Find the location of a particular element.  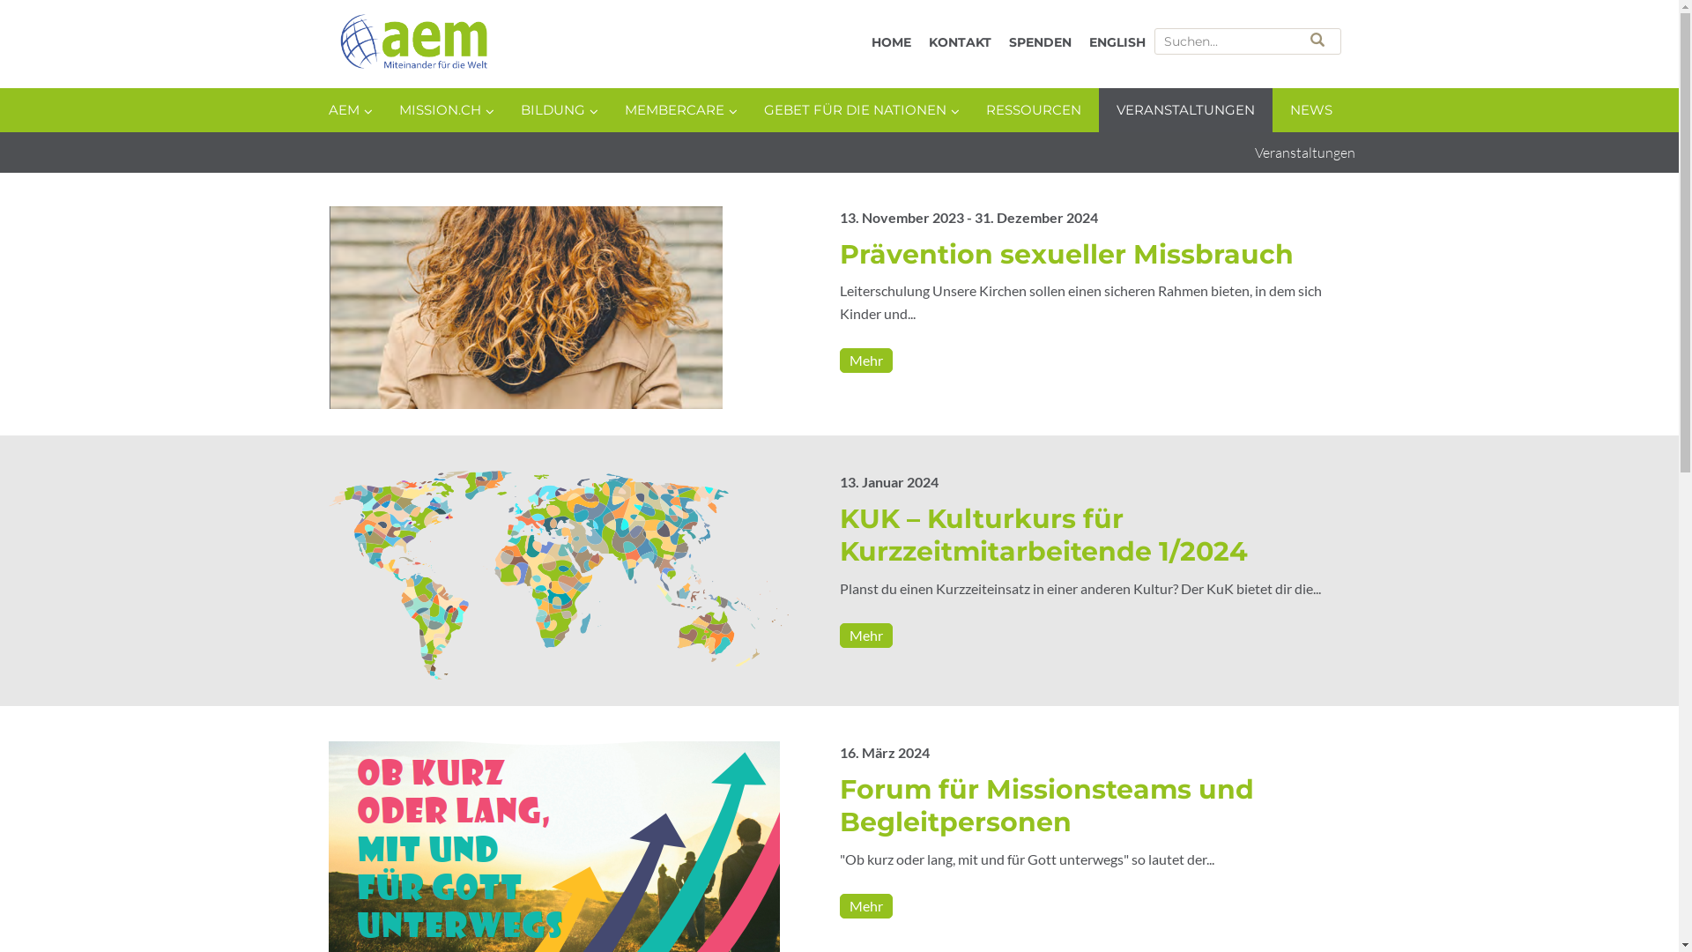

'NEWS' is located at coordinates (1311, 109).